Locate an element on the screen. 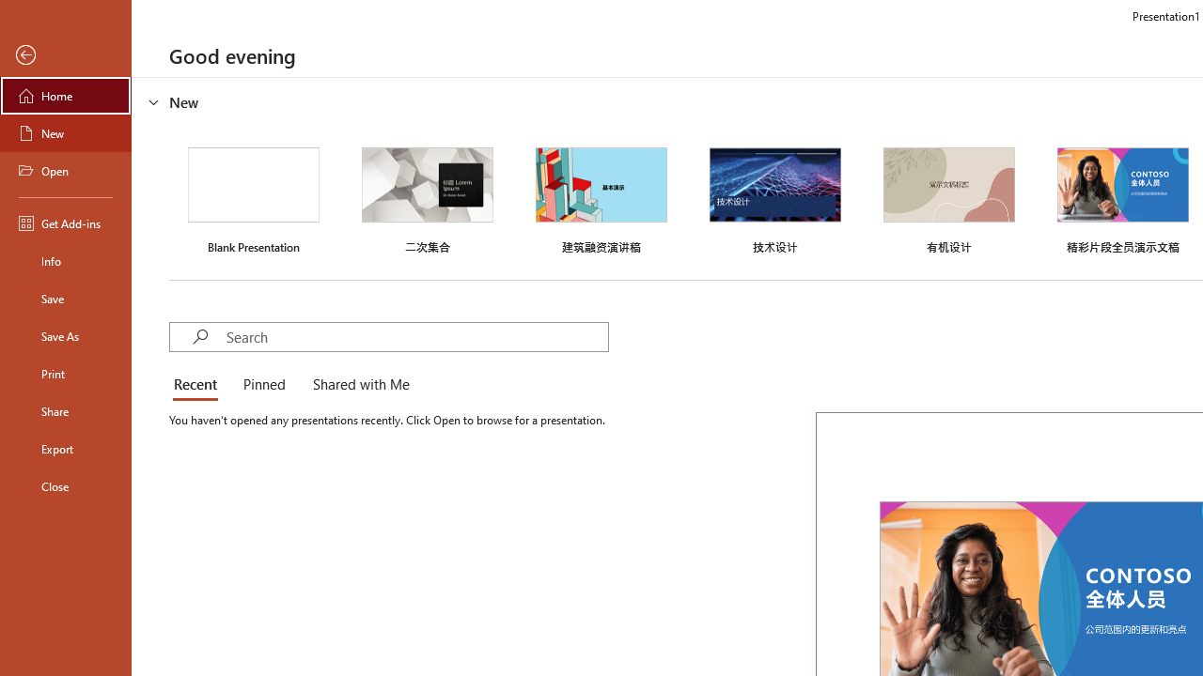 This screenshot has width=1203, height=676. 'Shared with Me' is located at coordinates (357, 385).